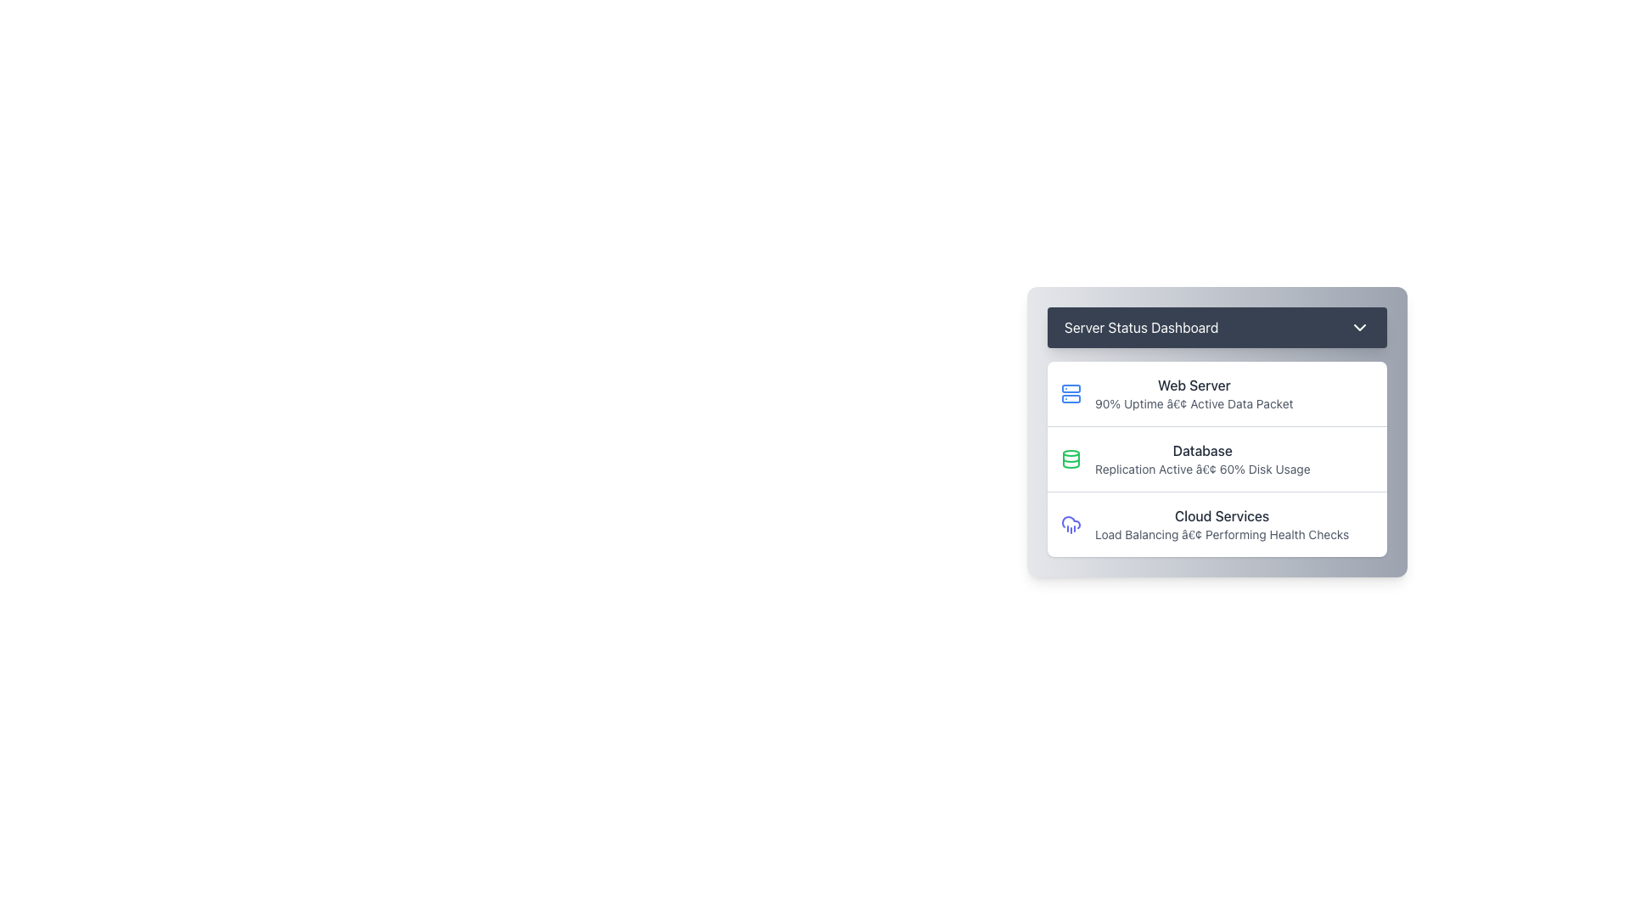 This screenshot has width=1630, height=917. I want to click on information displayed in the first Text block of the 'Server Status Dashboard' which shows the status of the web server, including uptime and data packet activity, so click(1193, 393).